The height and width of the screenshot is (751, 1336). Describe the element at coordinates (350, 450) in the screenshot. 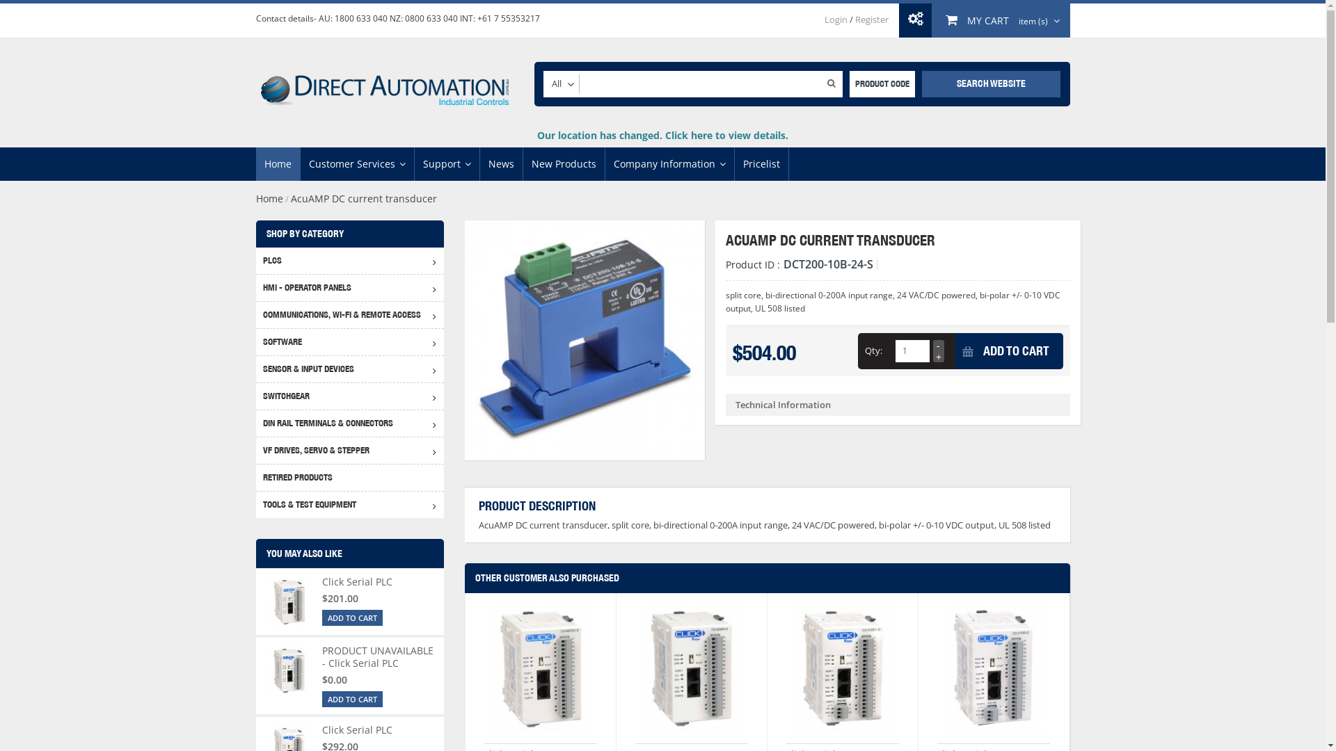

I see `'VF DRIVES, SERVO & STEPPER'` at that location.